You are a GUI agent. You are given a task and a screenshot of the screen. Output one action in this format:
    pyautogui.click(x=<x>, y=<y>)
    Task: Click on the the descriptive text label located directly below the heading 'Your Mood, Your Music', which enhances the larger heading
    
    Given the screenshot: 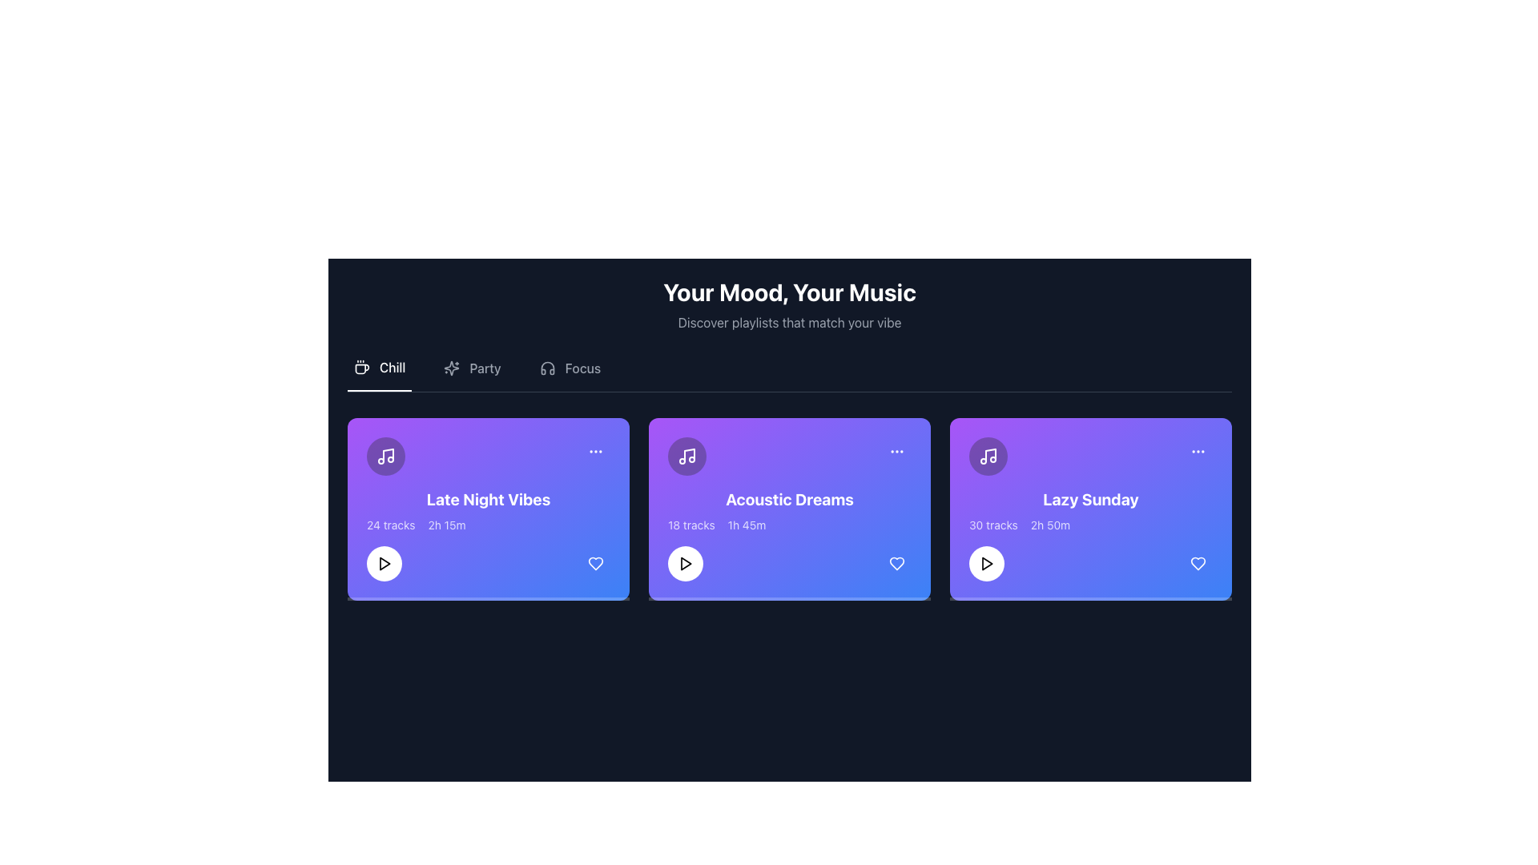 What is the action you would take?
    pyautogui.click(x=789, y=322)
    